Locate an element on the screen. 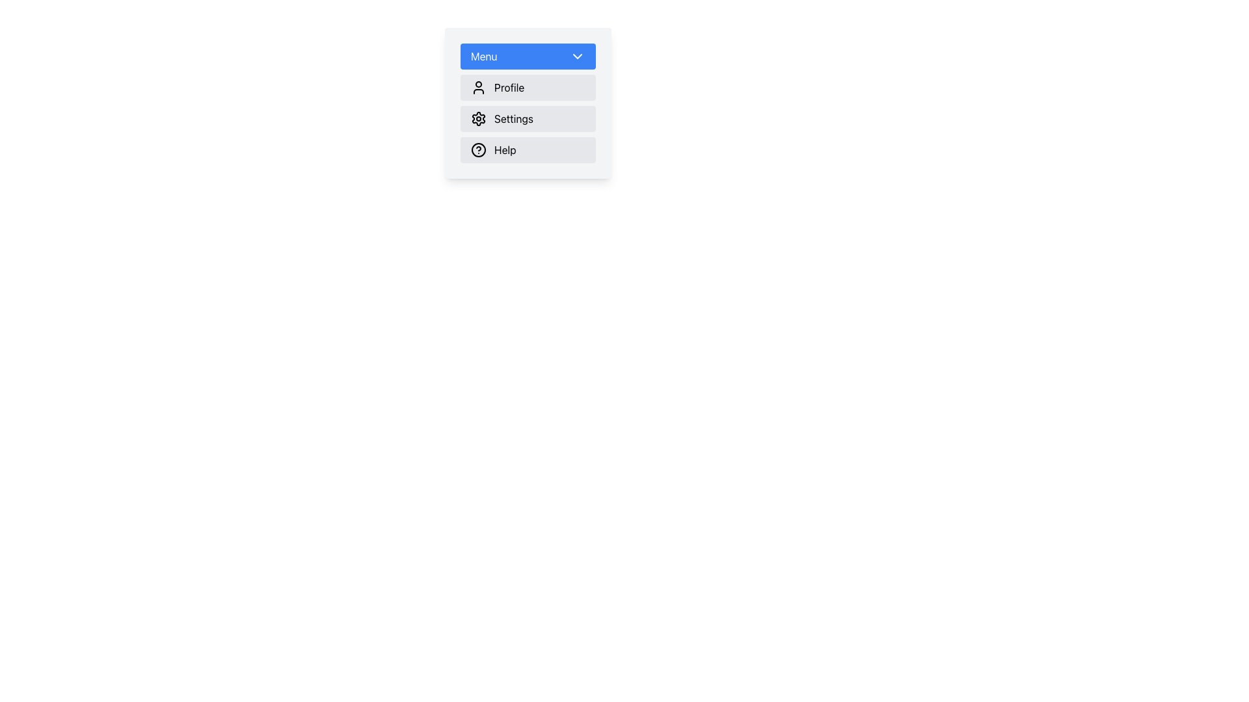 The width and height of the screenshot is (1249, 702). the 'Settings' menu item, which is the second option in the vertical navigation panel, featuring a gear icon and bold text is located at coordinates (528, 118).